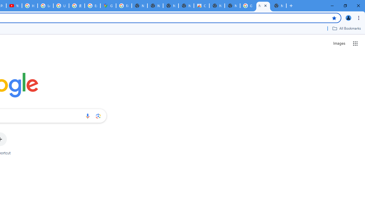  What do you see at coordinates (92, 6) in the screenshot?
I see `'Explore new street-level details - Google Maps Help'` at bounding box center [92, 6].